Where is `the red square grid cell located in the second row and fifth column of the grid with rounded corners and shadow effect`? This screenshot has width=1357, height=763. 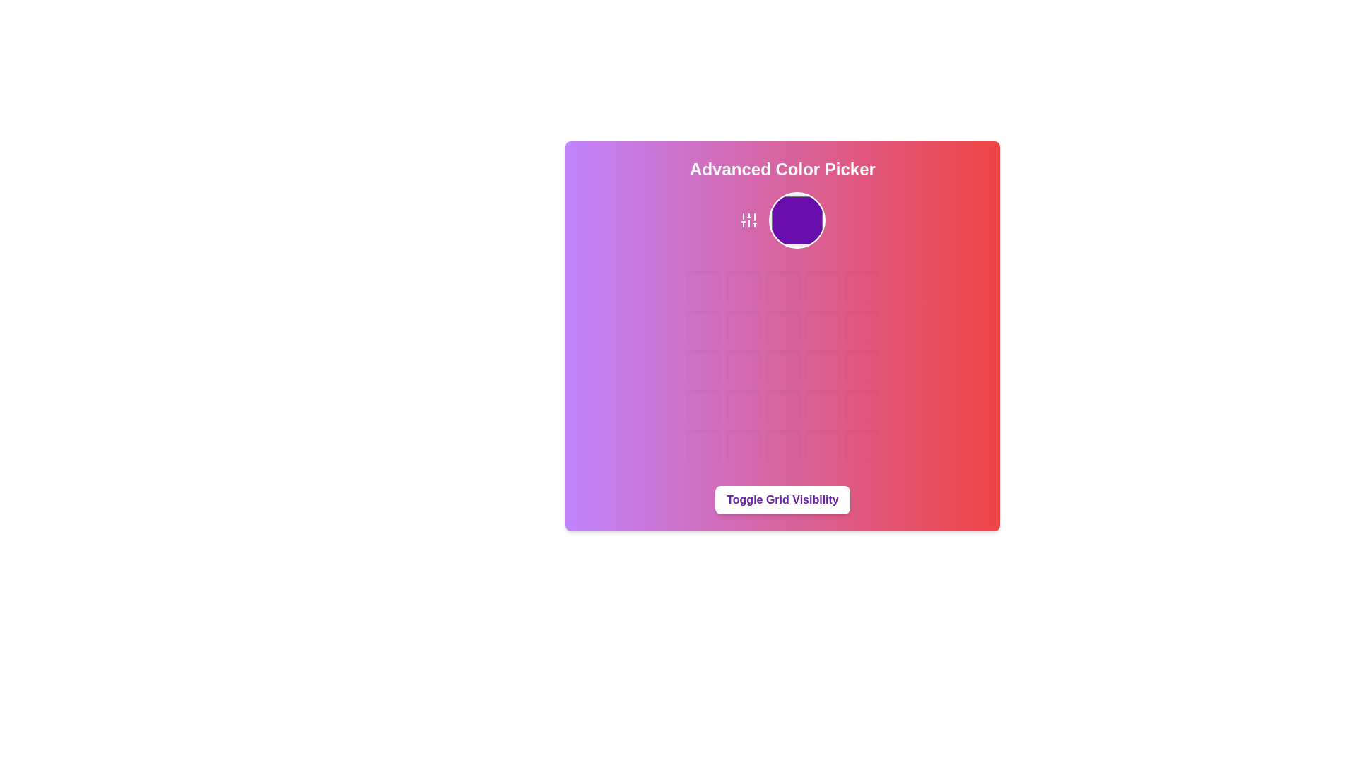
the red square grid cell located in the second row and fifth column of the grid with rounded corners and shadow effect is located at coordinates (861, 327).